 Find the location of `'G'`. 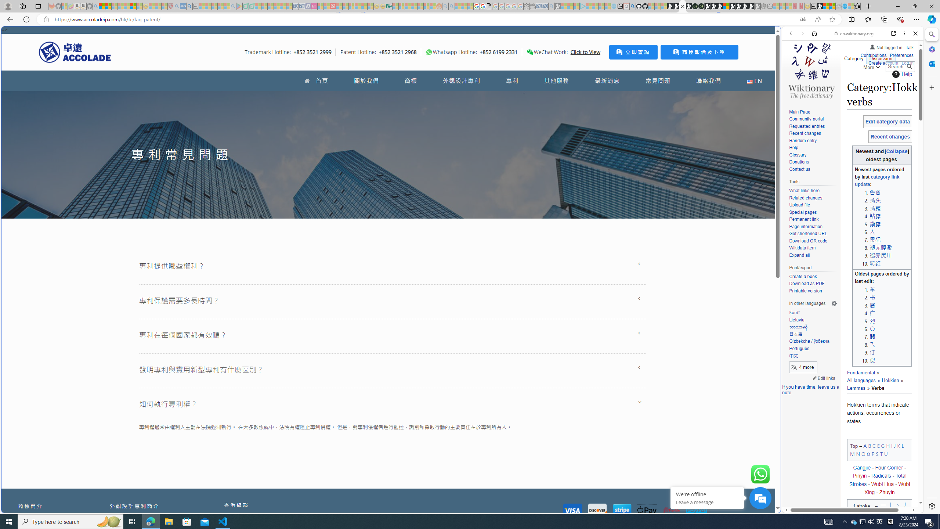

'G' is located at coordinates (882, 446).